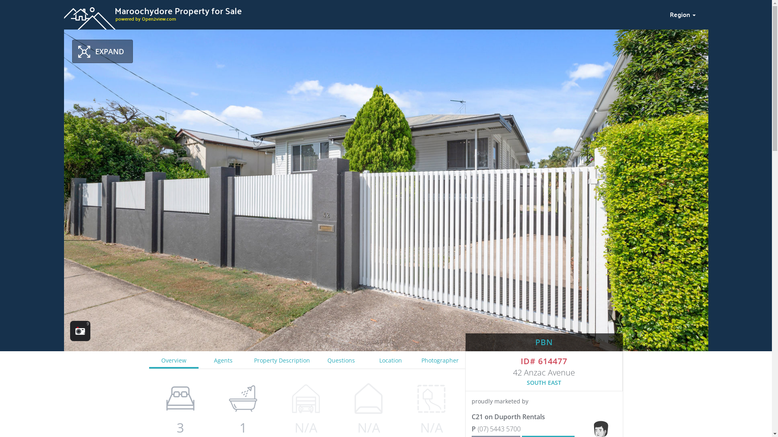 This screenshot has height=437, width=778. Describe the element at coordinates (223, 359) in the screenshot. I see `'Agents'` at that location.